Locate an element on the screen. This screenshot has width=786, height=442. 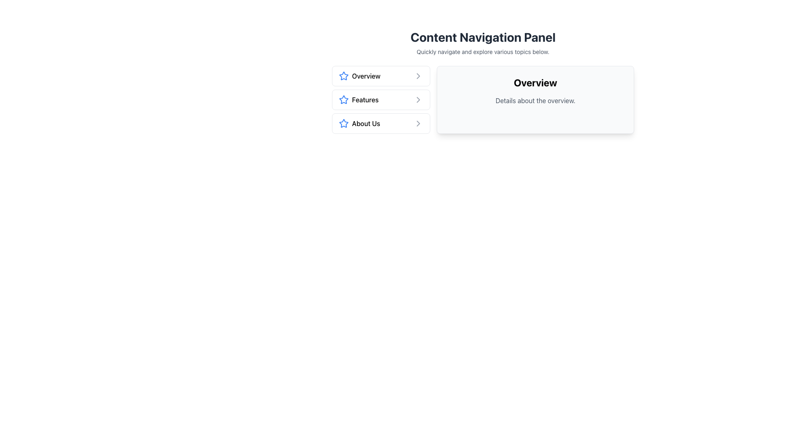
the static text label displaying 'Details about the overview.' located below the 'Overview' heading in the right panel is located at coordinates (535, 100).